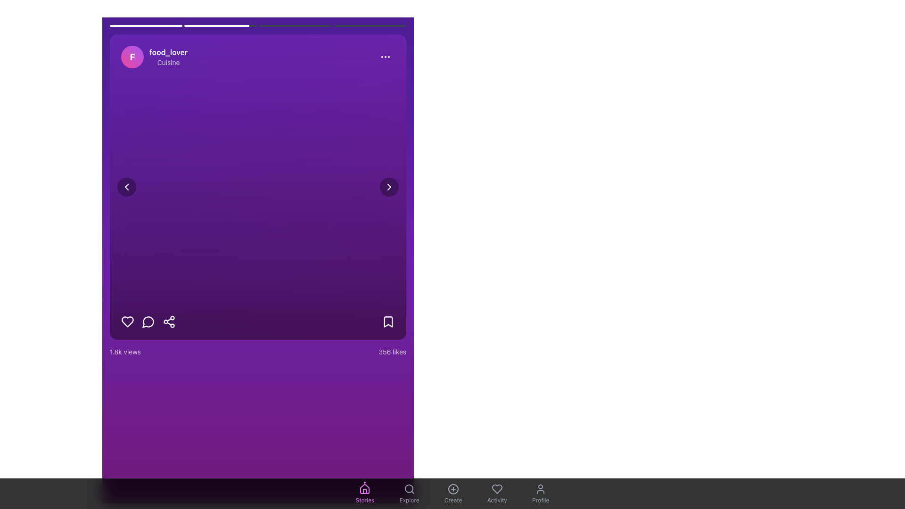  I want to click on fourth progress bar at the top right of the interface, which has a gray background and a white progress indicator, for styles or details, so click(369, 25).